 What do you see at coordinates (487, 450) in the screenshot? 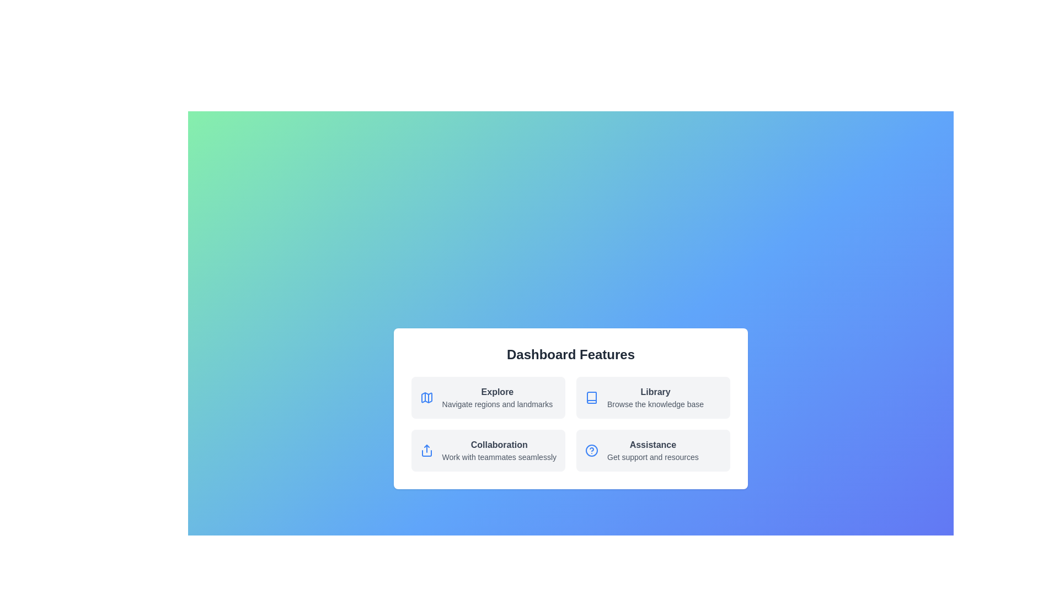
I see `the Collaboration tile to explore its functionalities` at bounding box center [487, 450].